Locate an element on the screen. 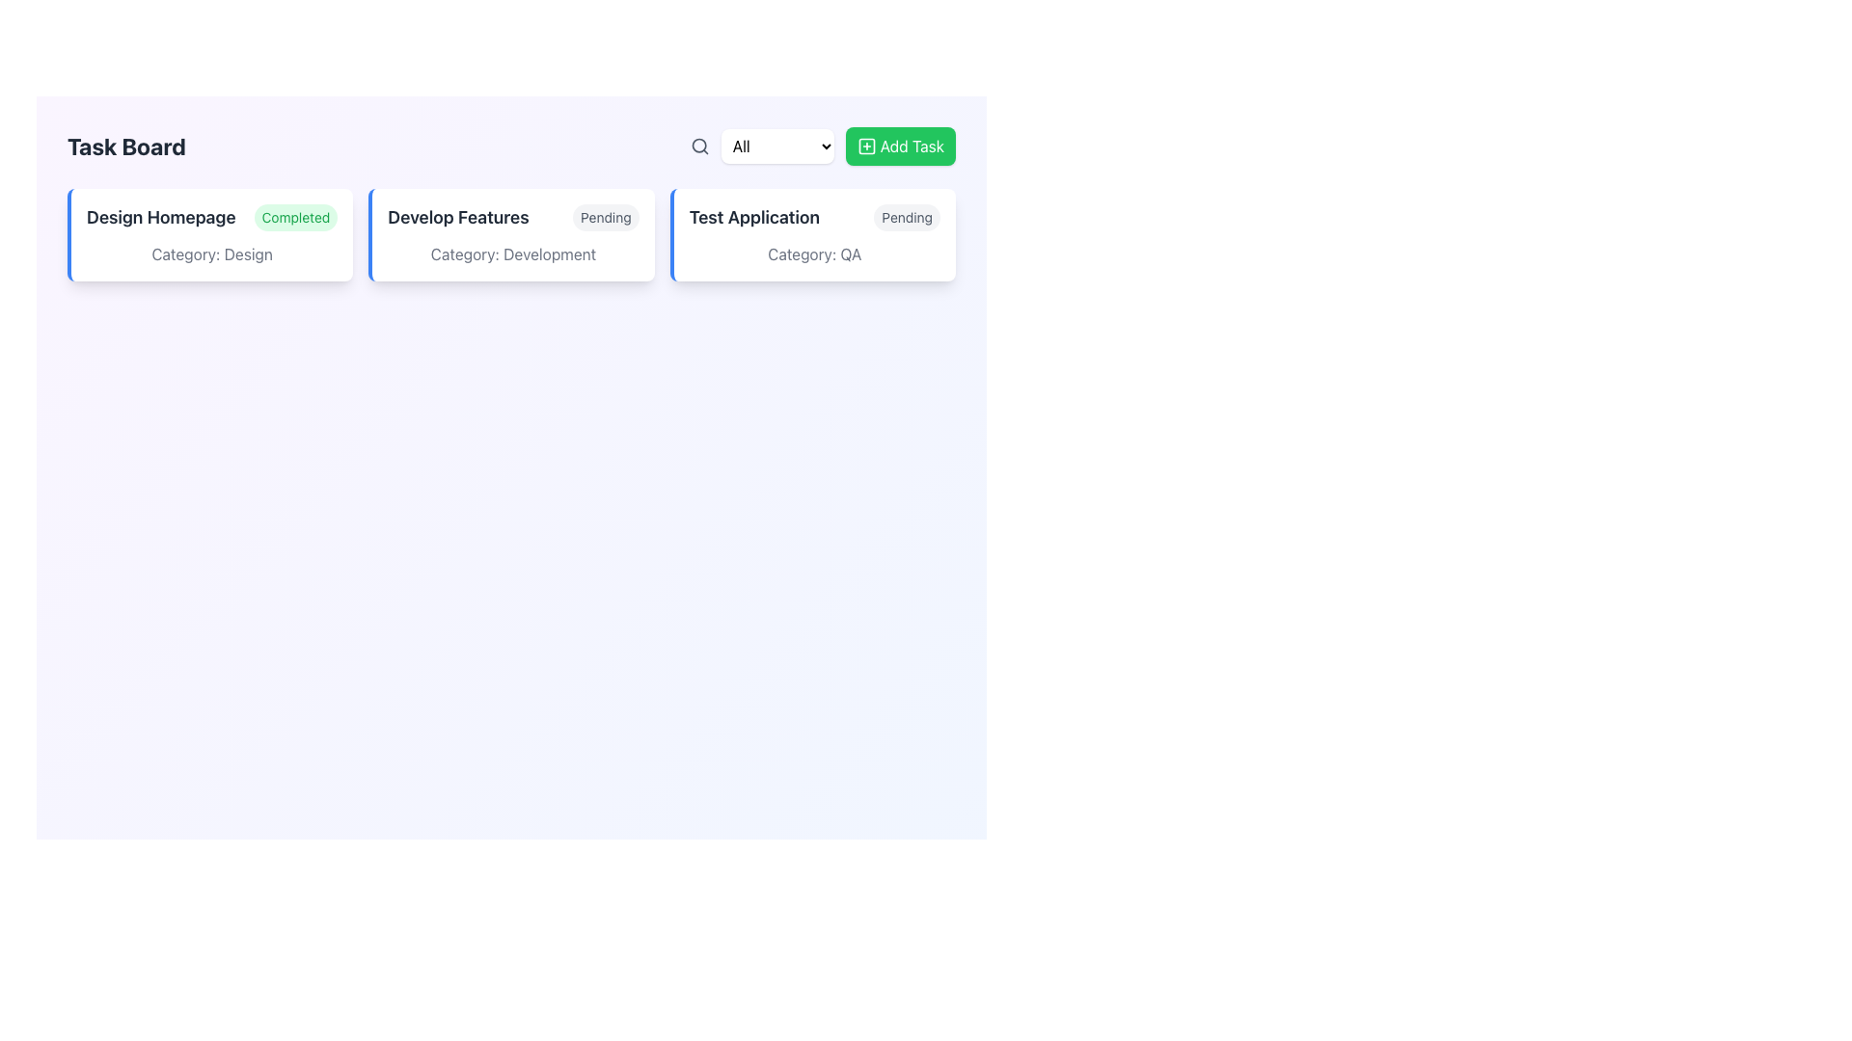  the gray search icon styled as a magnifying glass, located to the immediate left of the dropdown labeled 'All' and near the green button labeled 'Add Task' is located at coordinates (698, 145).